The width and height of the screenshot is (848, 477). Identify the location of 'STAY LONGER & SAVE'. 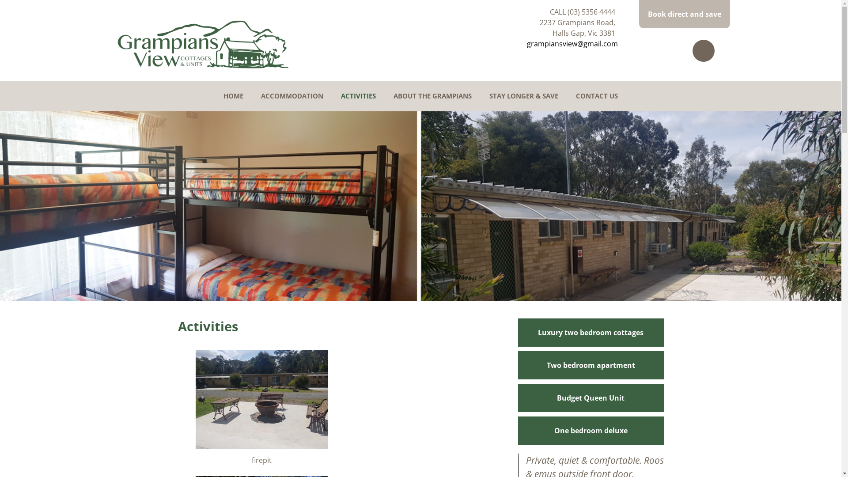
(523, 96).